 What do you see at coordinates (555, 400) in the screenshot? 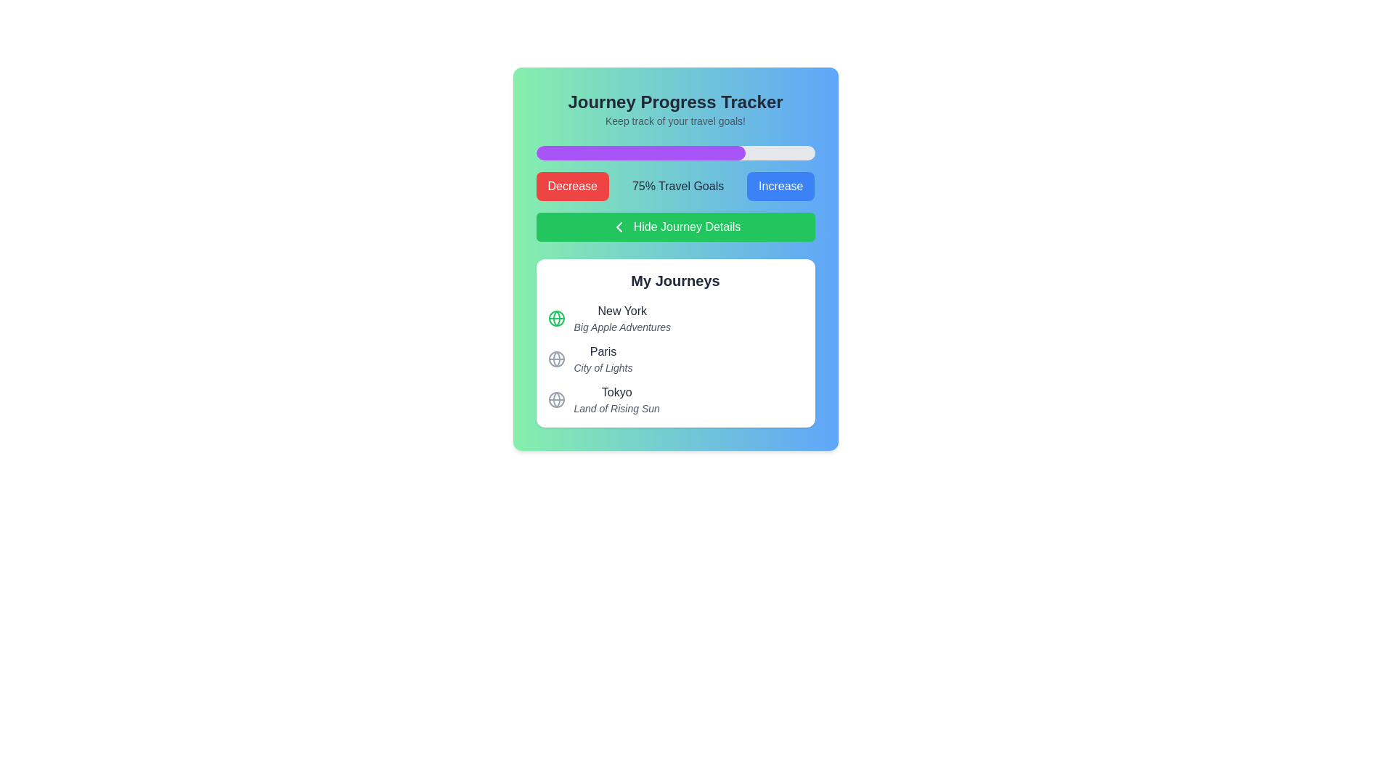
I see `the circular globe icon with a gray outline located to the left of the text 'Tokyo' in the 'My Journeys' section` at bounding box center [555, 400].